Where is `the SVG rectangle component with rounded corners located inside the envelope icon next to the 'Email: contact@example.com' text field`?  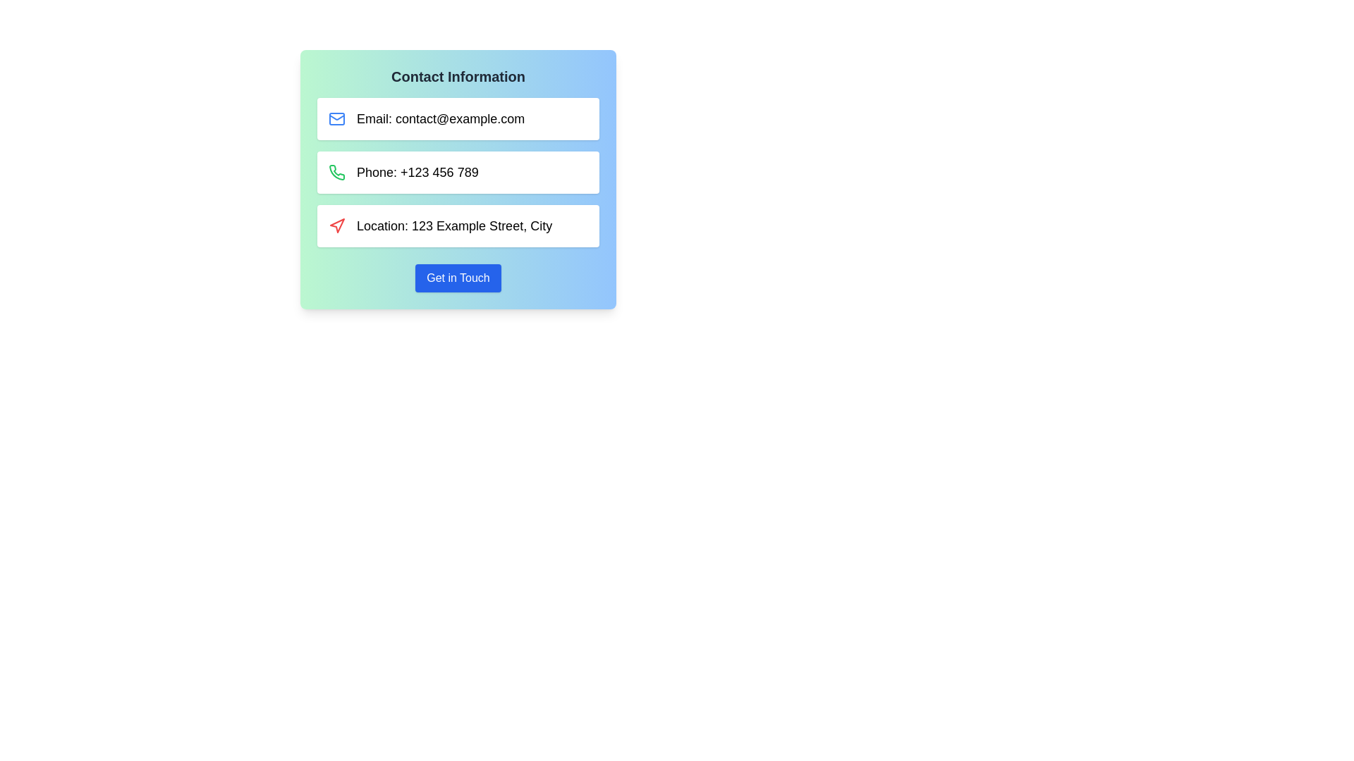 the SVG rectangle component with rounded corners located inside the envelope icon next to the 'Email: contact@example.com' text field is located at coordinates (336, 118).